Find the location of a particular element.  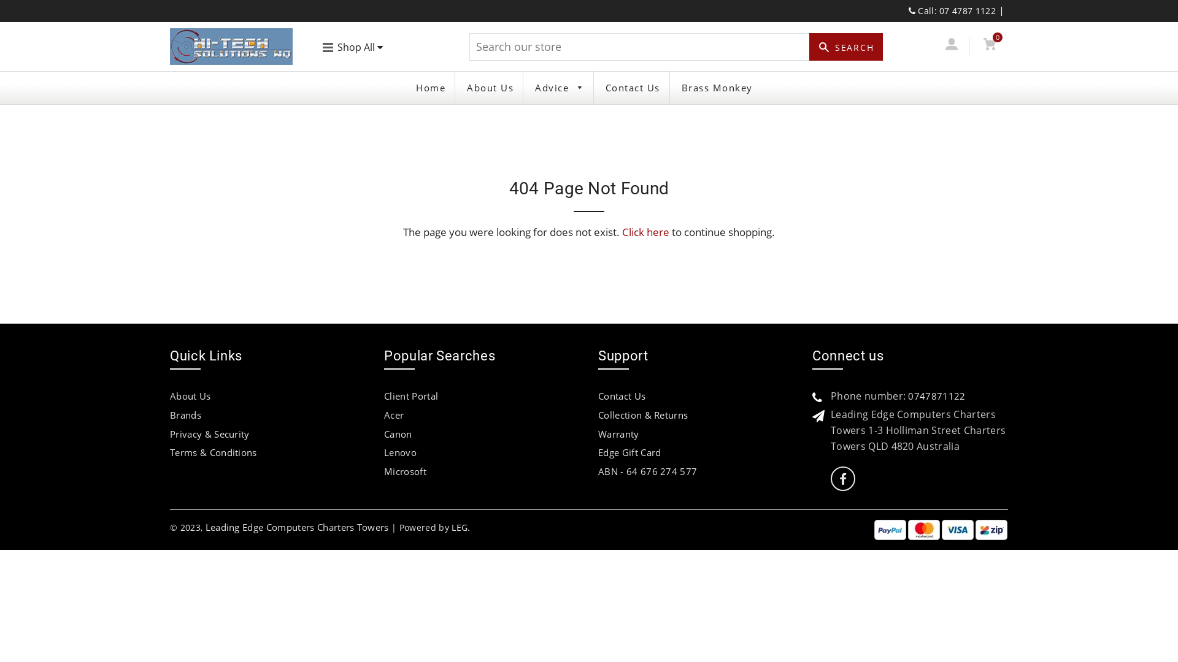

'About Us' is located at coordinates (489, 87).